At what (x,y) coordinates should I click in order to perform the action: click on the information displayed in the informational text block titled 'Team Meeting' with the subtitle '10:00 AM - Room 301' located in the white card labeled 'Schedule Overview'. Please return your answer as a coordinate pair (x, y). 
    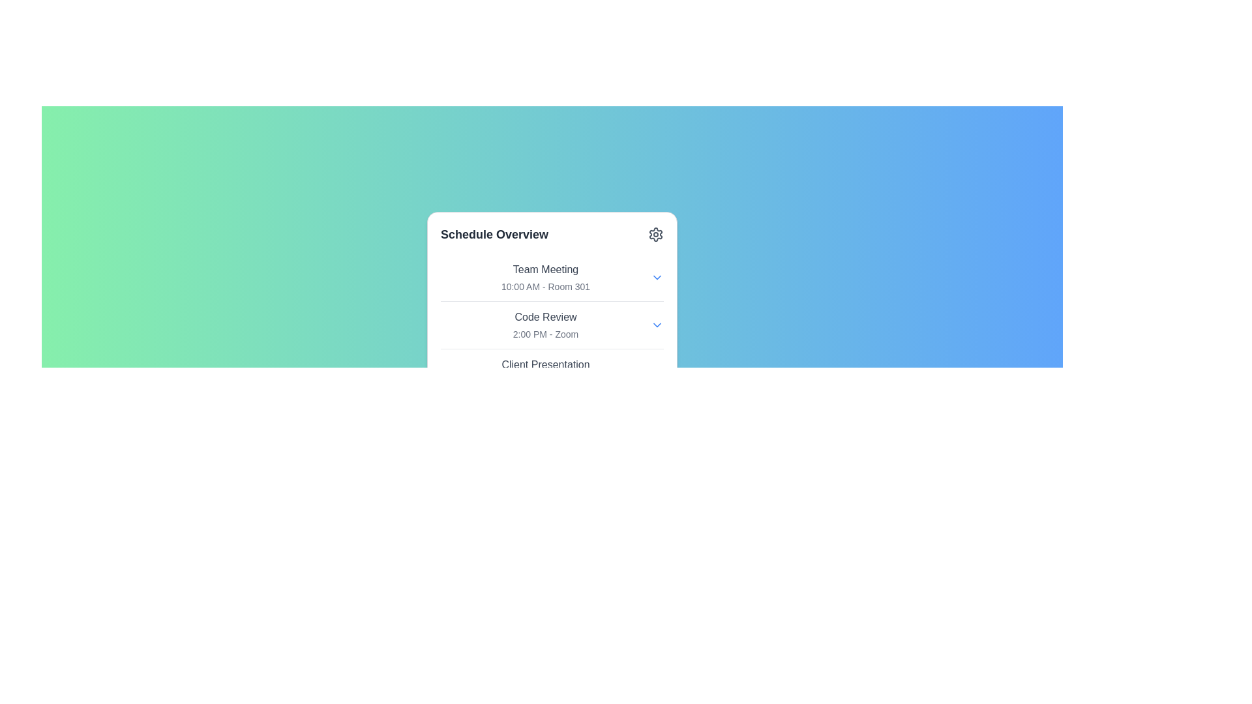
    Looking at the image, I should click on (545, 276).